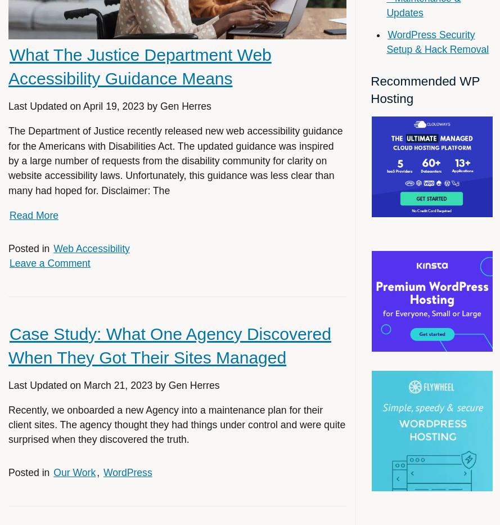 The width and height of the screenshot is (500, 525). I want to click on 'Recommended WP Hosting', so click(424, 90).